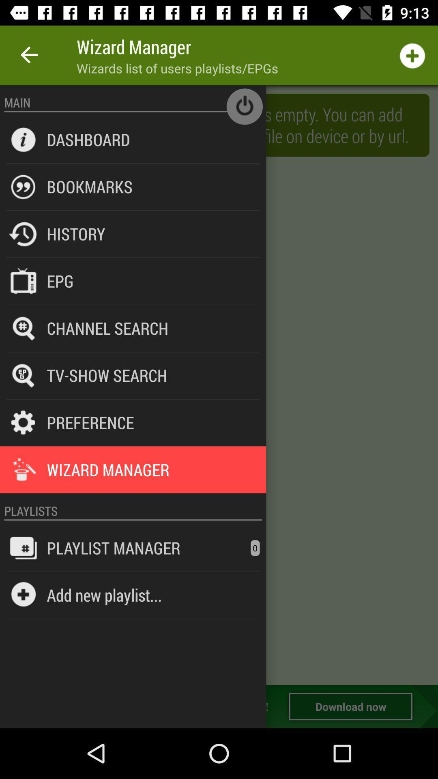  Describe the element at coordinates (244, 106) in the screenshot. I see `switch off the page` at that location.